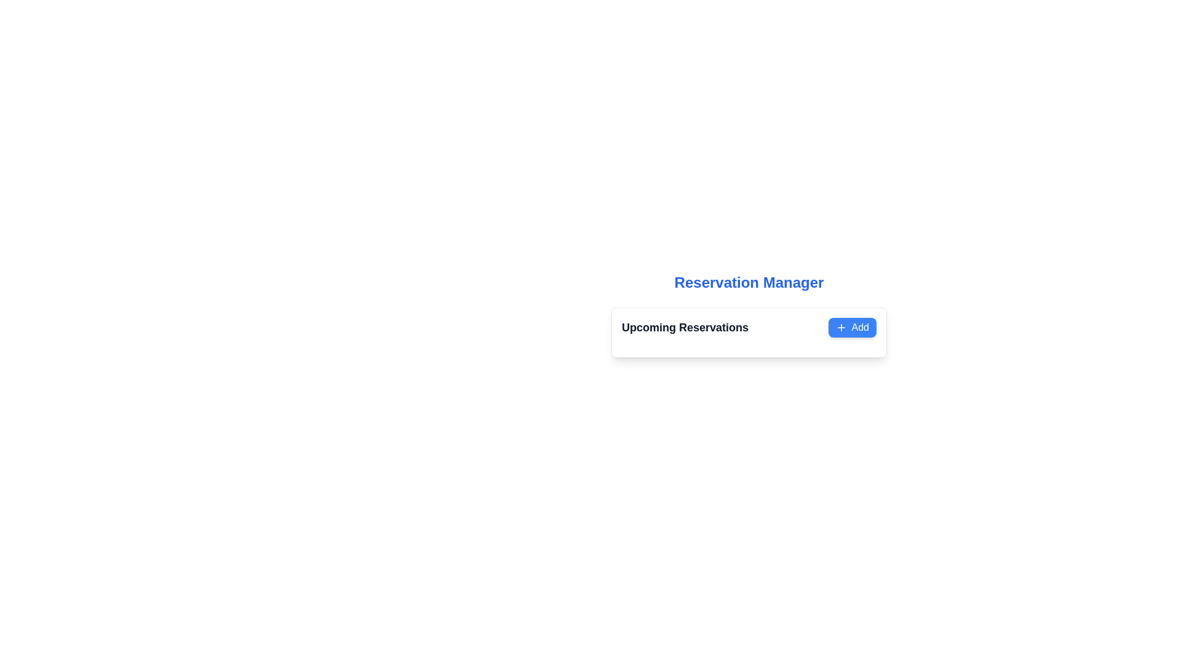  I want to click on the button used to initiate the process of adding a new reservation in the 'Upcoming Reservations' section, so click(851, 326).